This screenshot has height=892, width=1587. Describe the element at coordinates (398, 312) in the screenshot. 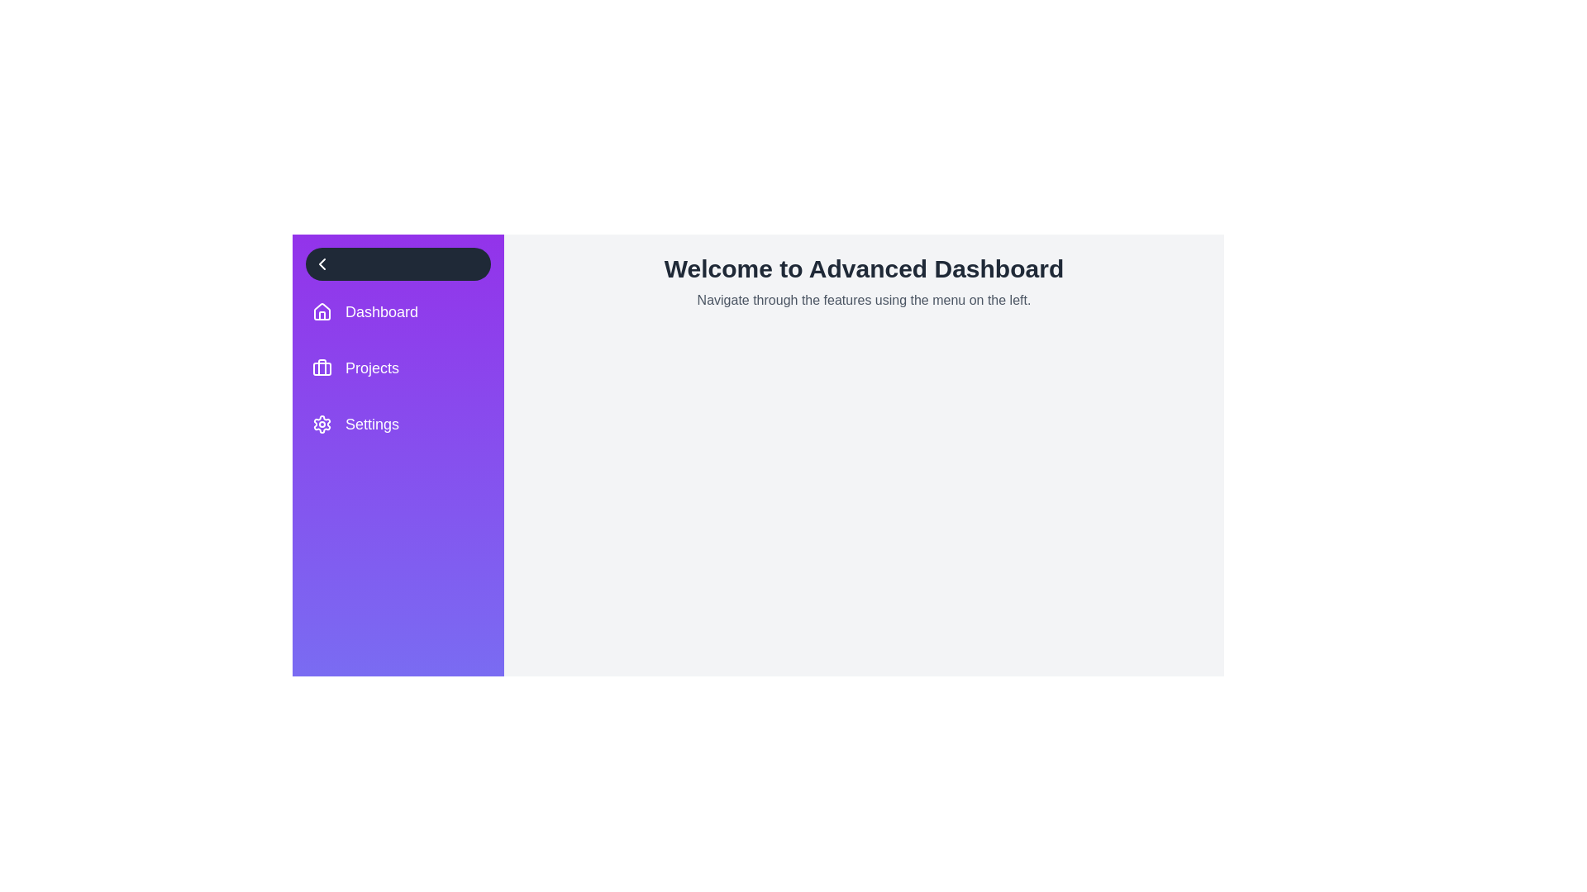

I see `the menu item Dashboard from the list` at that location.